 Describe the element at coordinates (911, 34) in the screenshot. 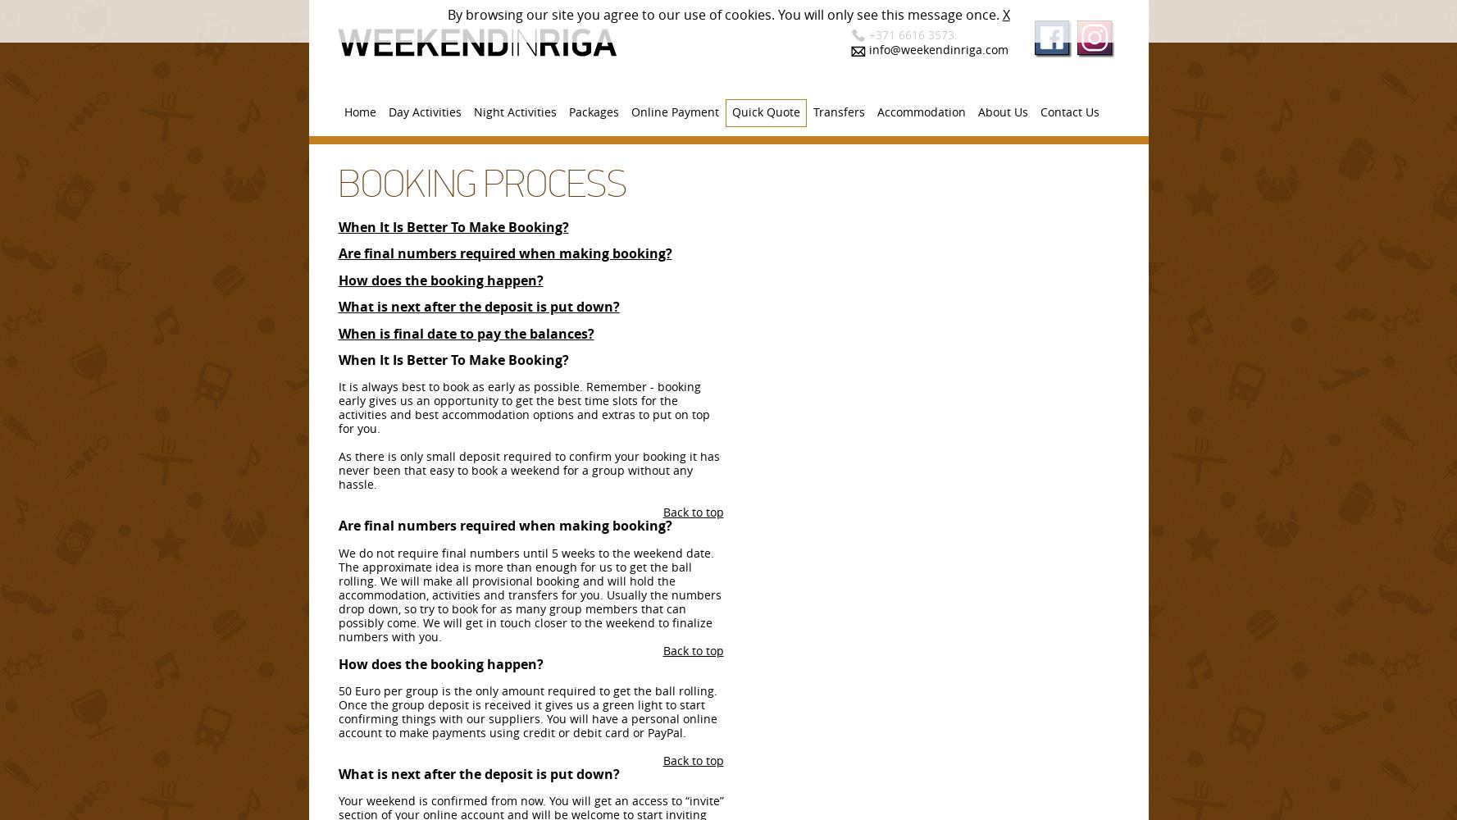

I see `'+371 6616 3573.'` at that location.